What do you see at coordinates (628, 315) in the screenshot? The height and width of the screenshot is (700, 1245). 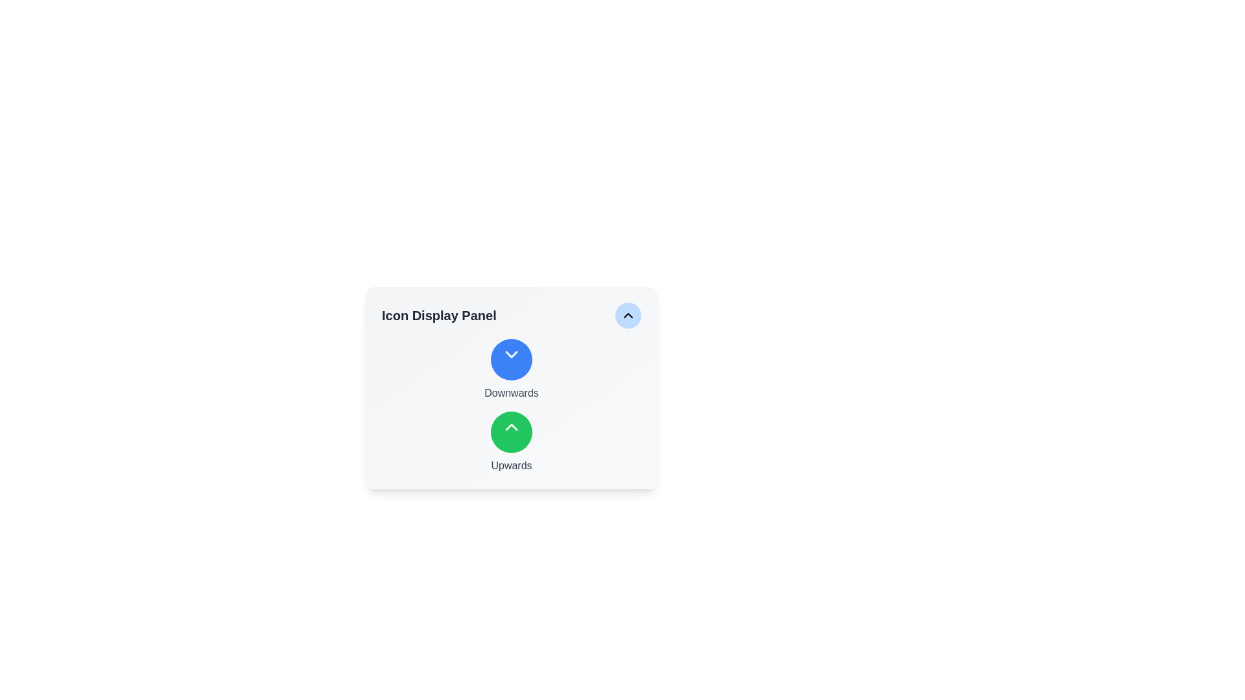 I see `the upward arrow icon located` at bounding box center [628, 315].